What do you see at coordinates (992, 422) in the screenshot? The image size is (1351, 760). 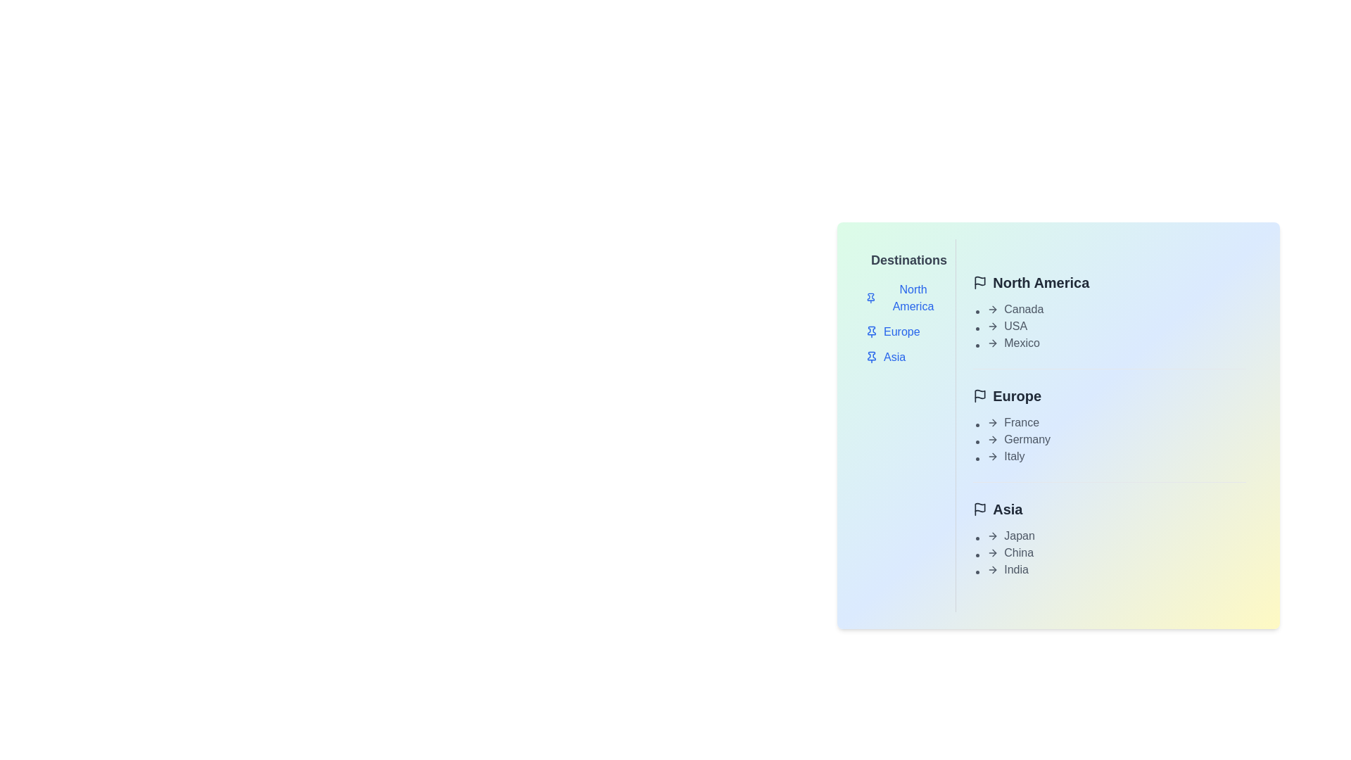 I see `the arrow icon located to the left of the 'France' text in the Europe section of the menu, indicating interactivity` at bounding box center [992, 422].